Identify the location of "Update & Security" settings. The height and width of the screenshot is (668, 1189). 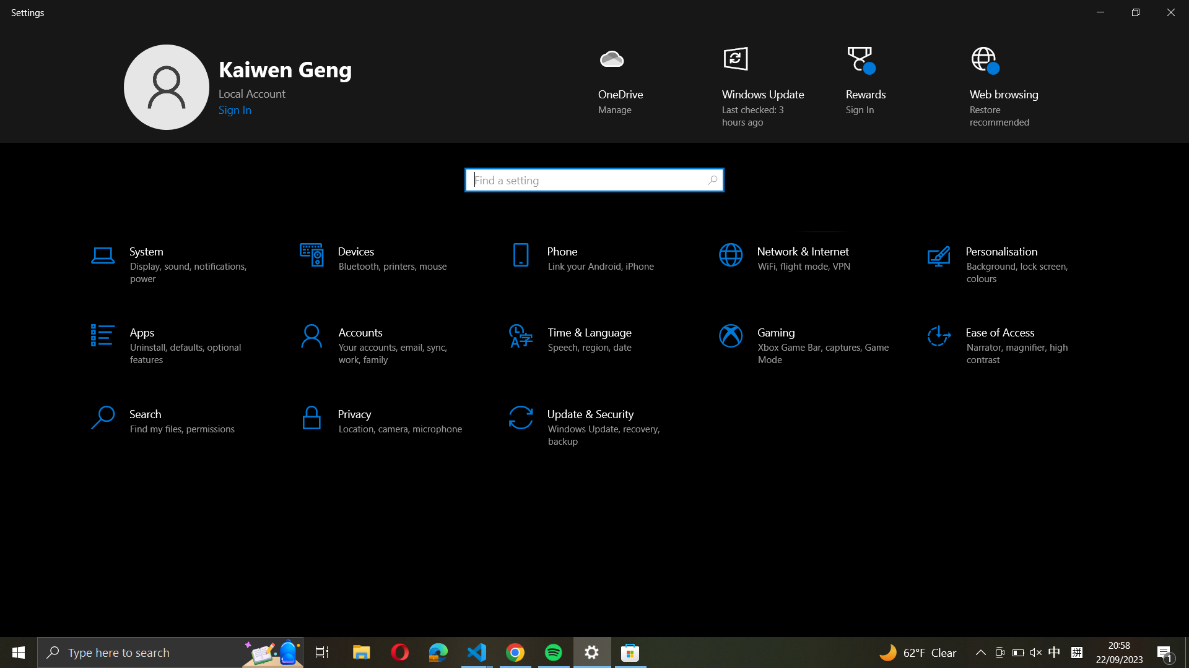
(595, 423).